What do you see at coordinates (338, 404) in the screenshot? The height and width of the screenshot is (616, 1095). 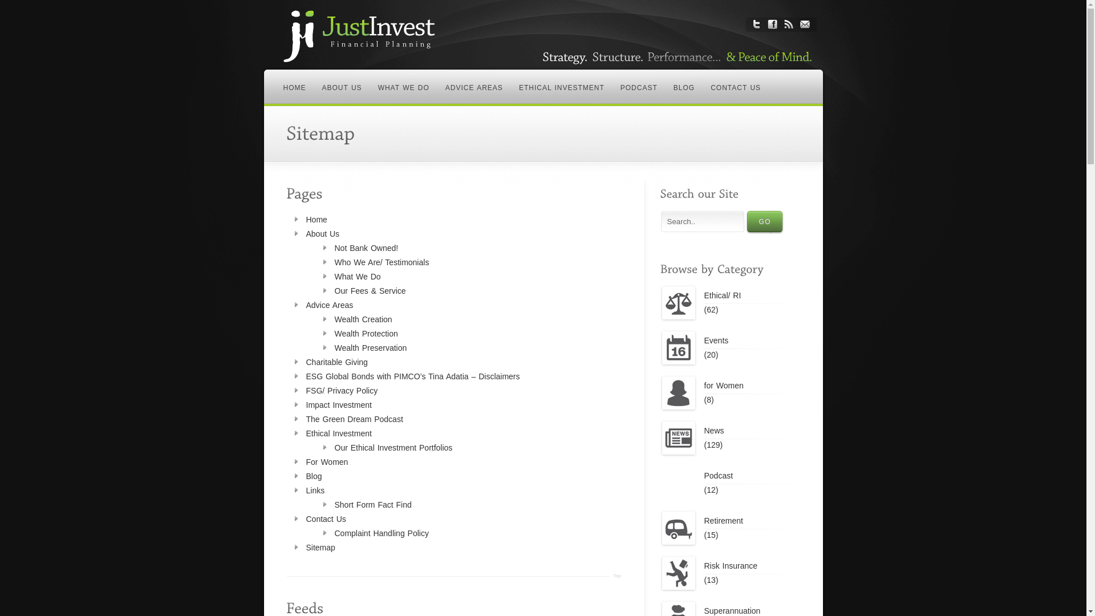 I see `'Impact Investment'` at bounding box center [338, 404].